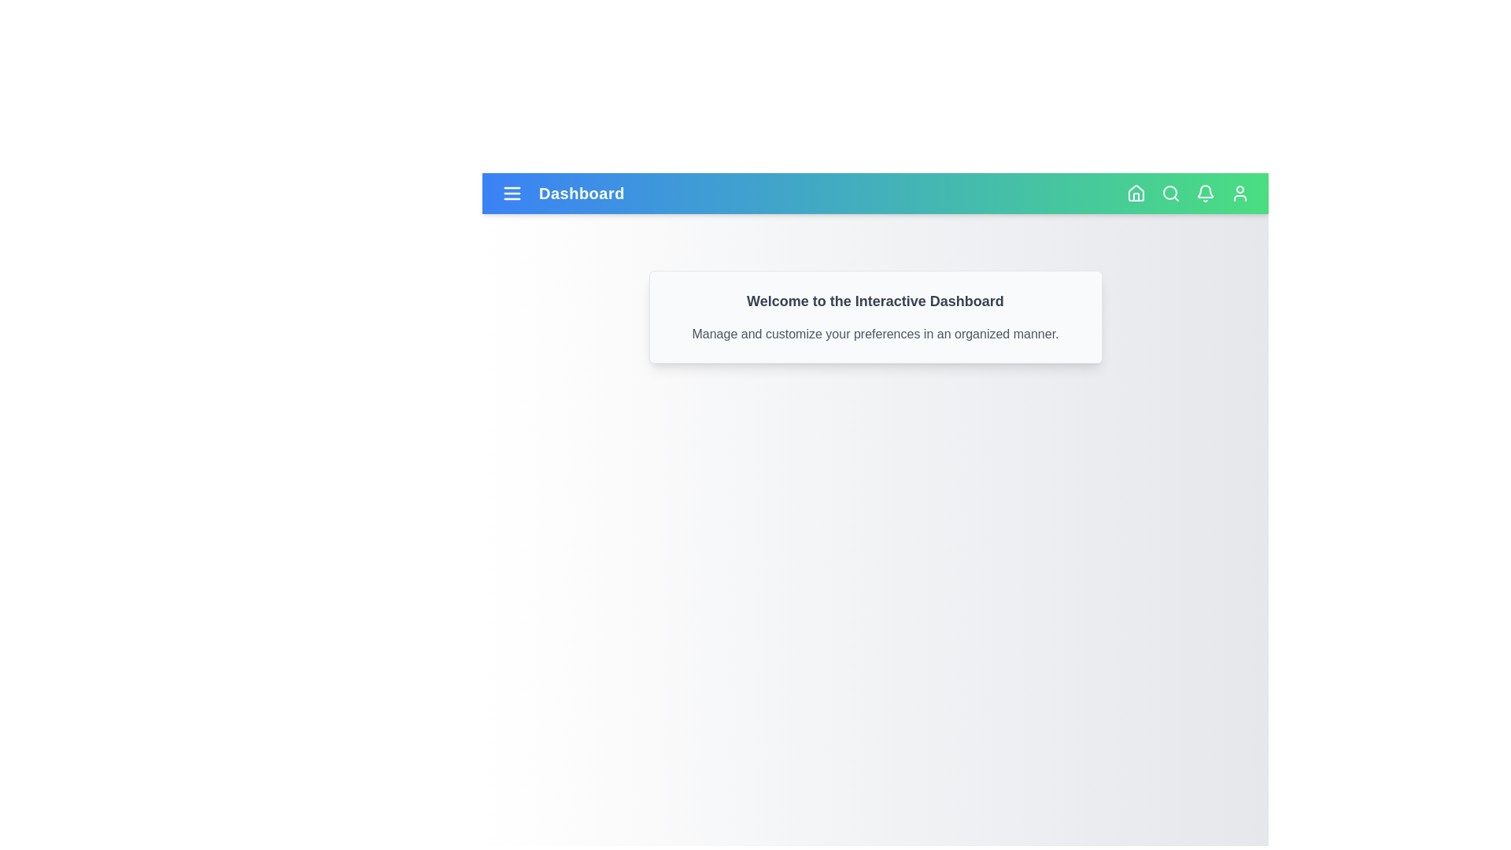  Describe the element at coordinates (1239, 193) in the screenshot. I see `the user icon to access the user profile` at that location.